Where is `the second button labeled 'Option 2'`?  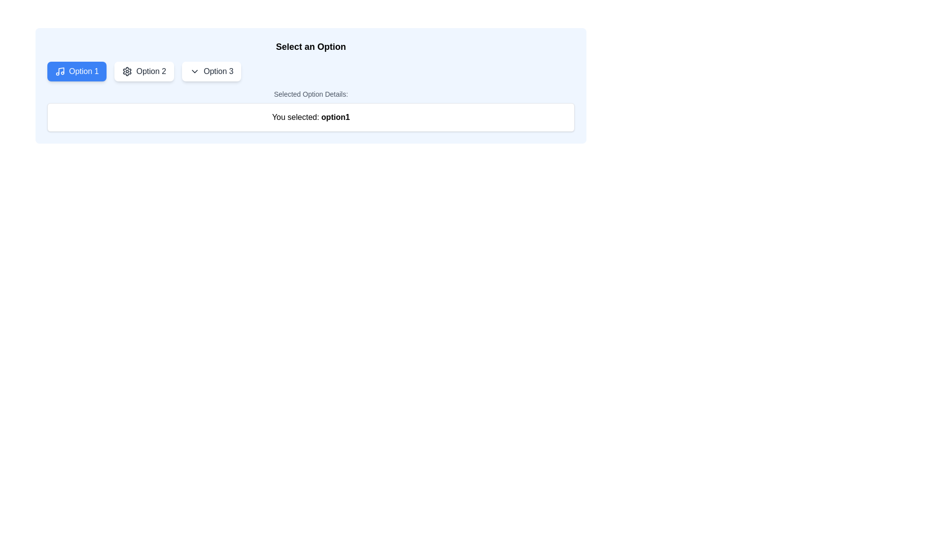 the second button labeled 'Option 2' is located at coordinates (144, 71).